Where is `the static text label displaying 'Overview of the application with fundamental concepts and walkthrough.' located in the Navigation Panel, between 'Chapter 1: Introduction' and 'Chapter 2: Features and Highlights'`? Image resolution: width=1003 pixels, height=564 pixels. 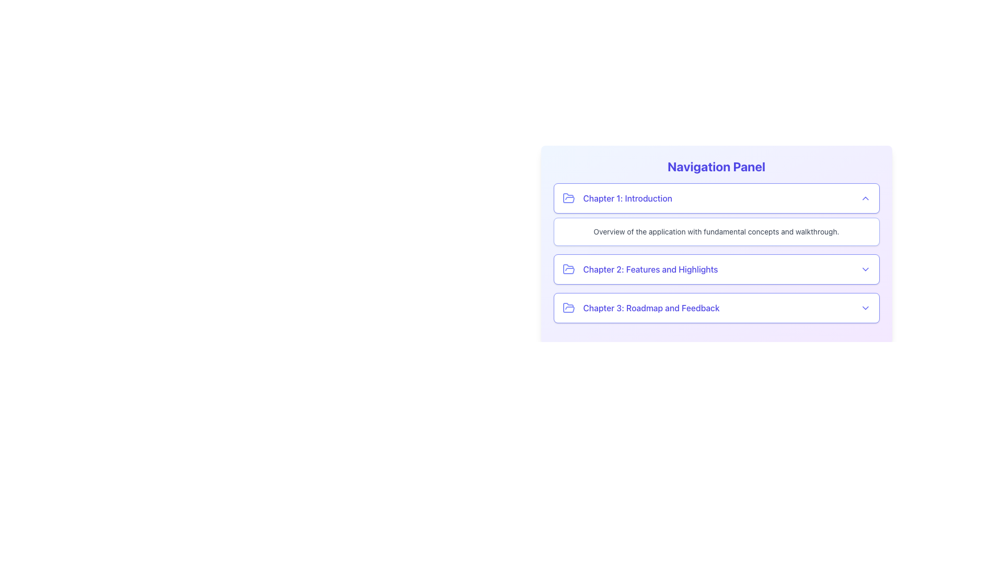
the static text label displaying 'Overview of the application with fundamental concepts and walkthrough.' located in the Navigation Panel, between 'Chapter 1: Introduction' and 'Chapter 2: Features and Highlights' is located at coordinates (716, 231).